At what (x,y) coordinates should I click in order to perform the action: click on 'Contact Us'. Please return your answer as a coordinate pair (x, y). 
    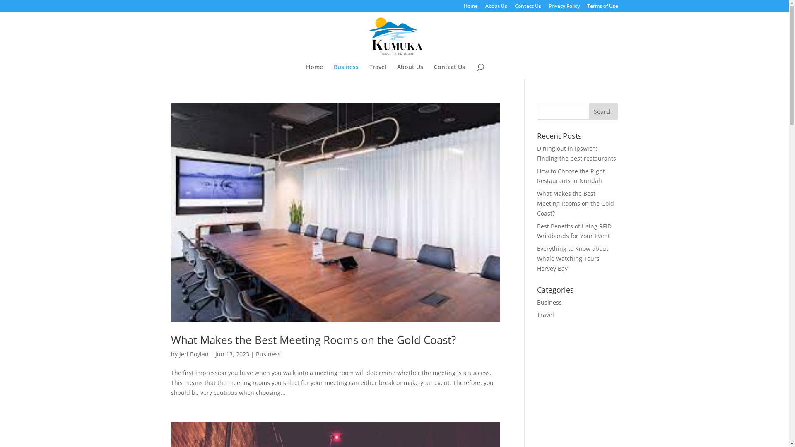
    Looking at the image, I should click on (449, 71).